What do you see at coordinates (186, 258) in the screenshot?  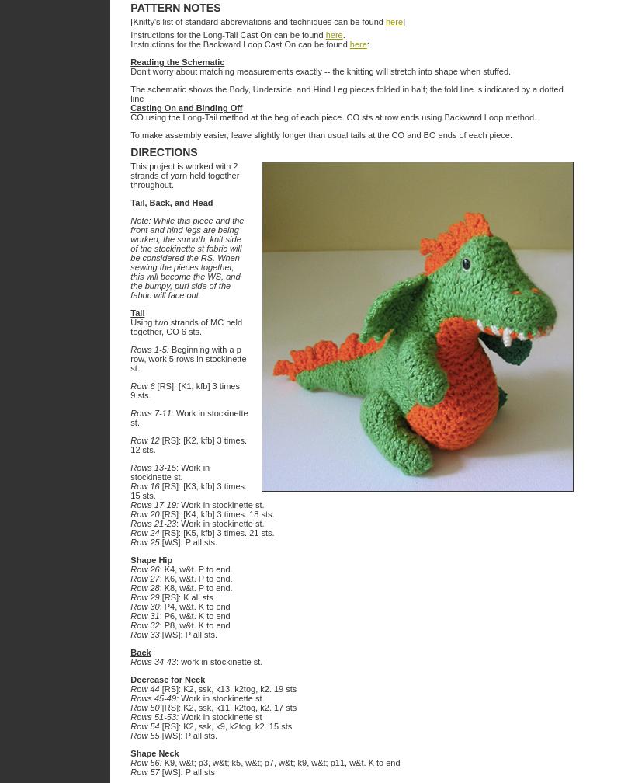 I see `'Note: While this piece and the front 
                              and hind legs are being worked, the smooth, 
                              knit side of the stockinette st fabric will 
                              be considered the RS. When sewing the pieces 
                              together, this will become the WS, and the 
                              bumpy, purl side of the fabric will face out.'` at bounding box center [186, 258].